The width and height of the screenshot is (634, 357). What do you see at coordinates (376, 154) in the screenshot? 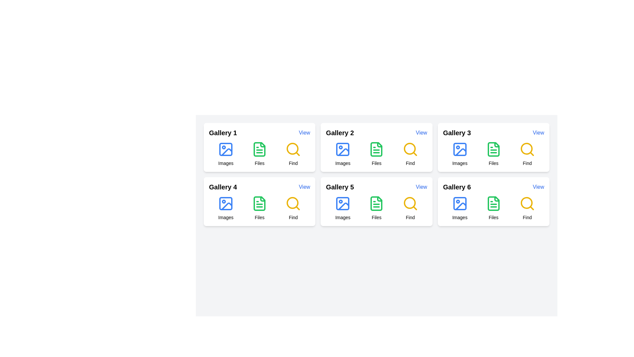
I see `the icon with a text label related to file management located between 'Images' and 'Find' under 'Gallery 2'` at bounding box center [376, 154].